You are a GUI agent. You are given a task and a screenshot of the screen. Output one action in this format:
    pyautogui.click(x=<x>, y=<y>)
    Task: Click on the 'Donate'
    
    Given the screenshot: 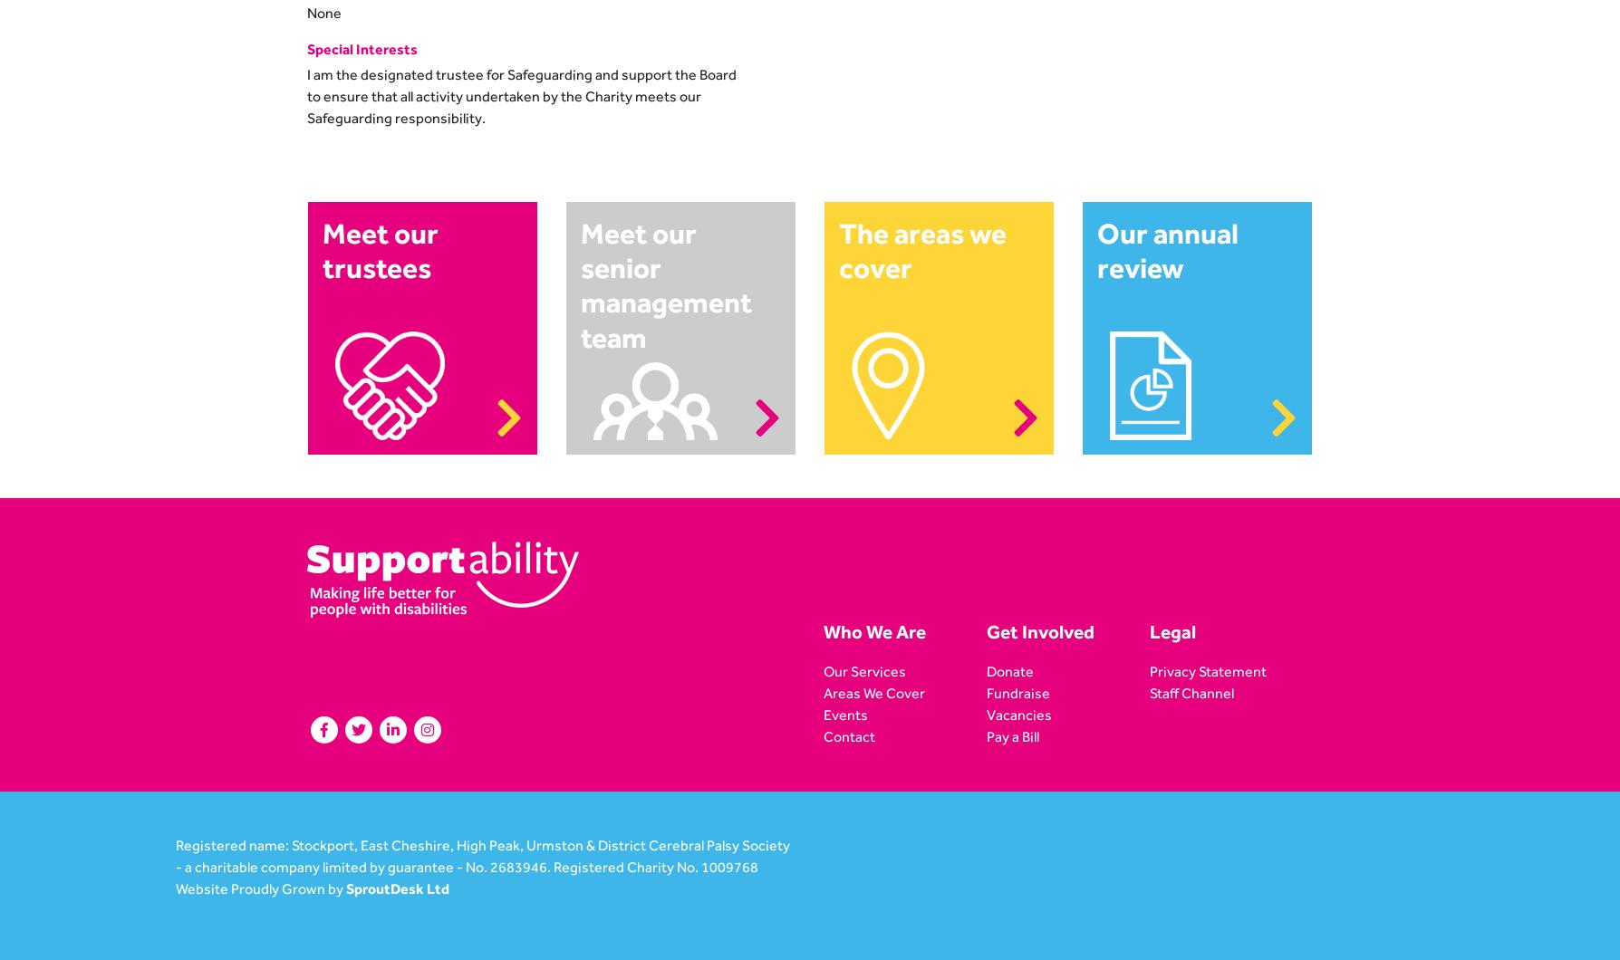 What is the action you would take?
    pyautogui.click(x=1009, y=670)
    